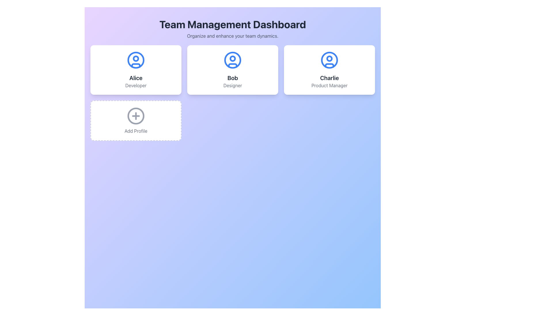 This screenshot has width=553, height=311. Describe the element at coordinates (135, 58) in the screenshot. I see `the SVG circle component representing the head of the user in the profile icon for 'Alice', the Developer, located in the leftmost card` at that location.